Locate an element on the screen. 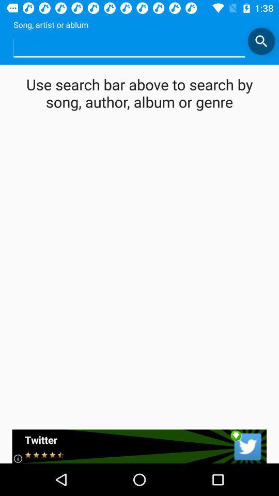  search for artist or album is located at coordinates (260, 41).